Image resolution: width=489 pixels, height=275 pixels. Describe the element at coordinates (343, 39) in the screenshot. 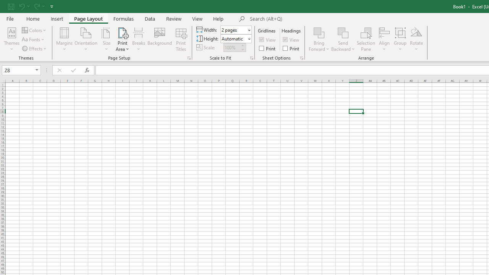

I see `'Send Backward'` at that location.